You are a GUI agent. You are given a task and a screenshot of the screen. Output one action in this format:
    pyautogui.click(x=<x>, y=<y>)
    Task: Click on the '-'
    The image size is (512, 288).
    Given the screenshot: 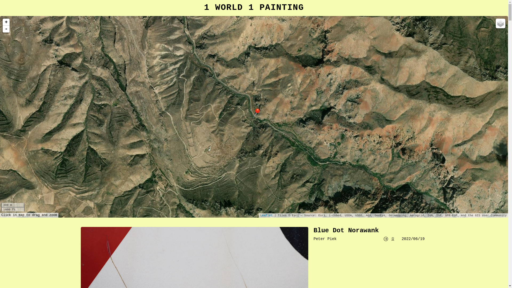 What is the action you would take?
    pyautogui.click(x=6, y=29)
    